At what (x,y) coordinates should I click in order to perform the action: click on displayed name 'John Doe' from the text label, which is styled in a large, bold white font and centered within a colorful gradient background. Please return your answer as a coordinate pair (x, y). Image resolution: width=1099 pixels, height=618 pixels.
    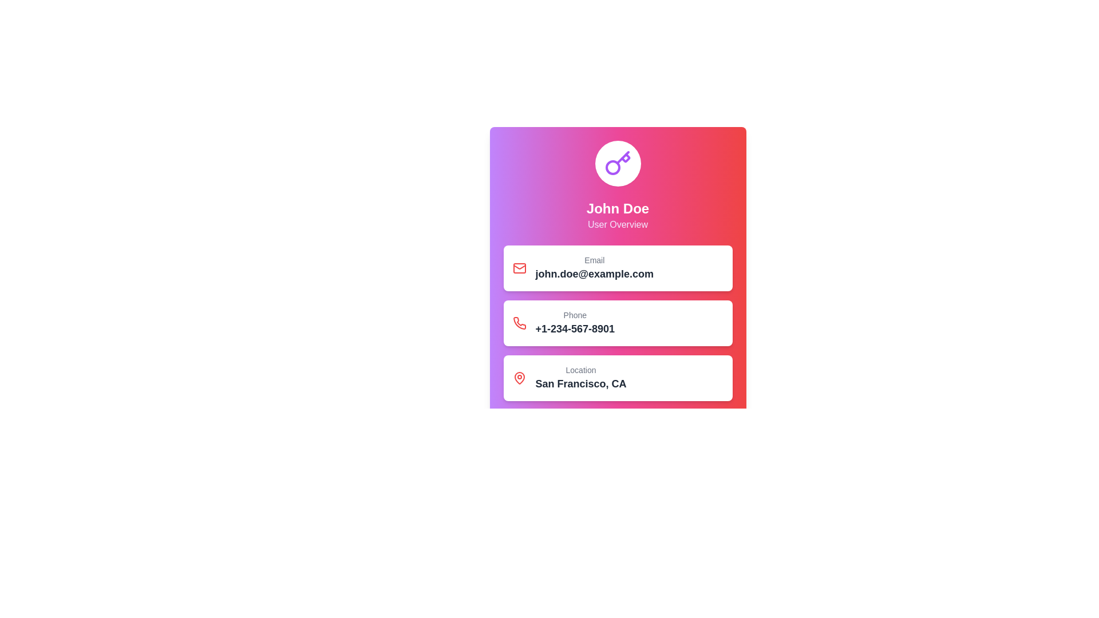
    Looking at the image, I should click on (617, 209).